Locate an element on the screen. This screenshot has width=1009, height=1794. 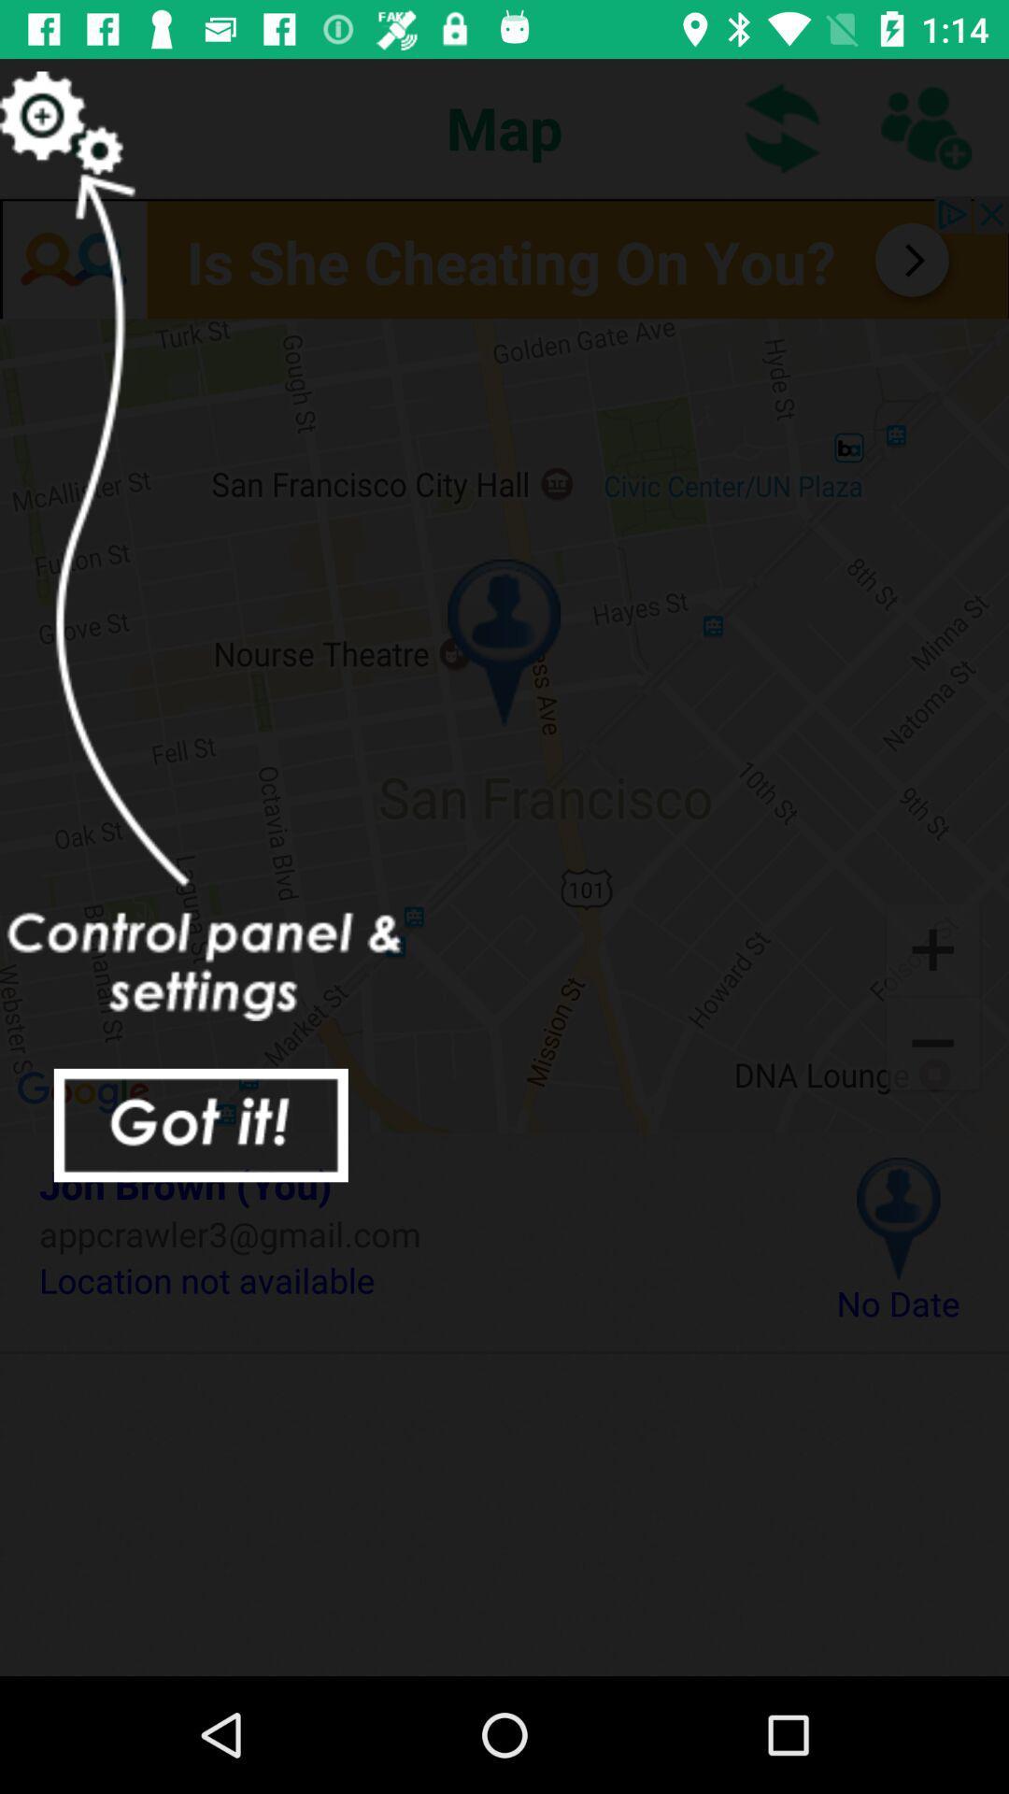
the button which is next to the map is located at coordinates (784, 127).